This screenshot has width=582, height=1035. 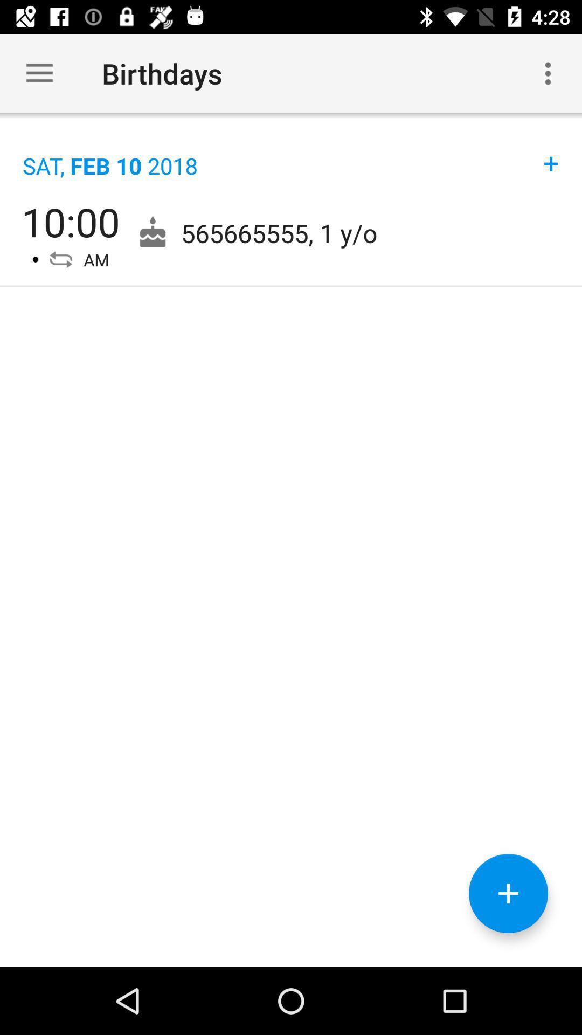 I want to click on a new birthday date, so click(x=508, y=893).